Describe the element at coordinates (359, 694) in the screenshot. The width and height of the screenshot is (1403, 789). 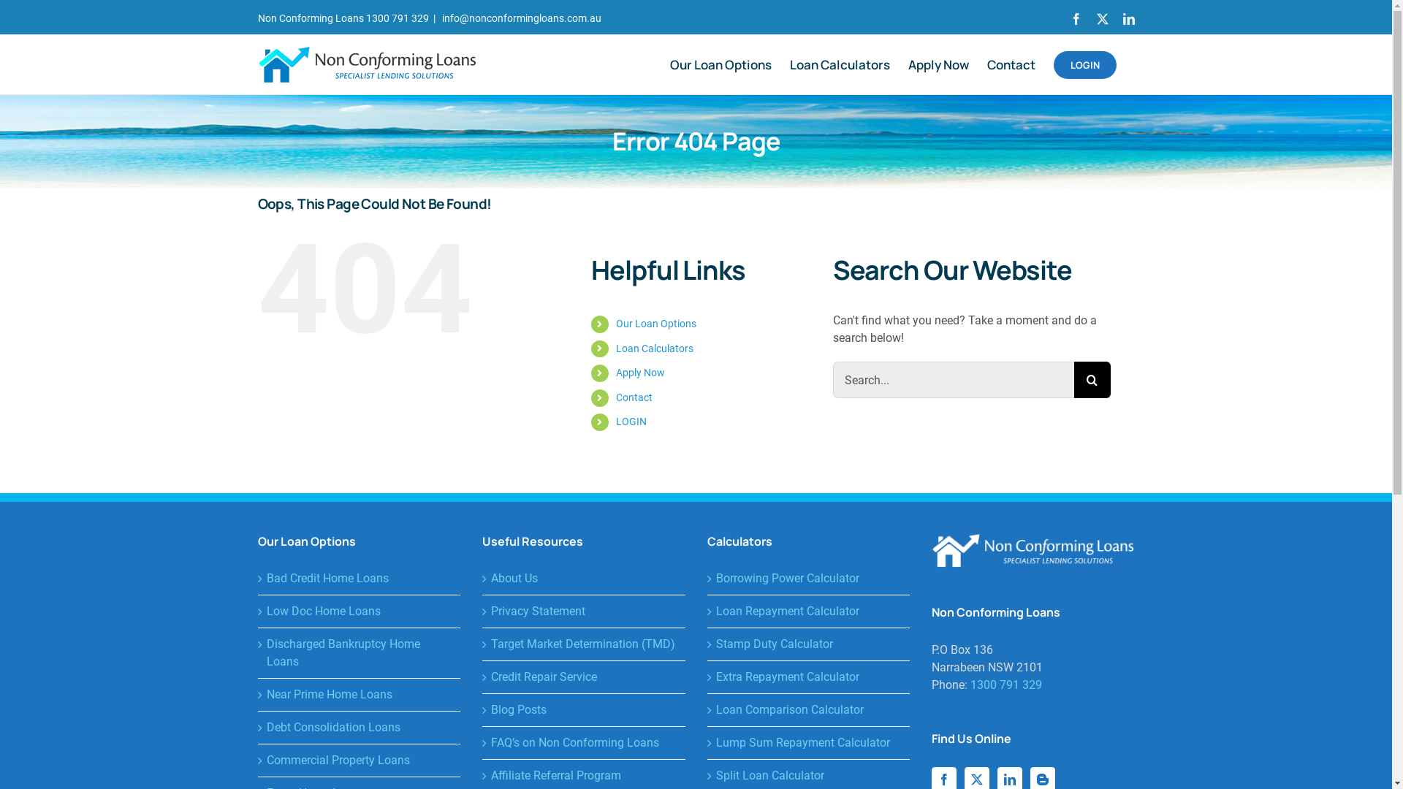
I see `'Near Prime Home Loans'` at that location.